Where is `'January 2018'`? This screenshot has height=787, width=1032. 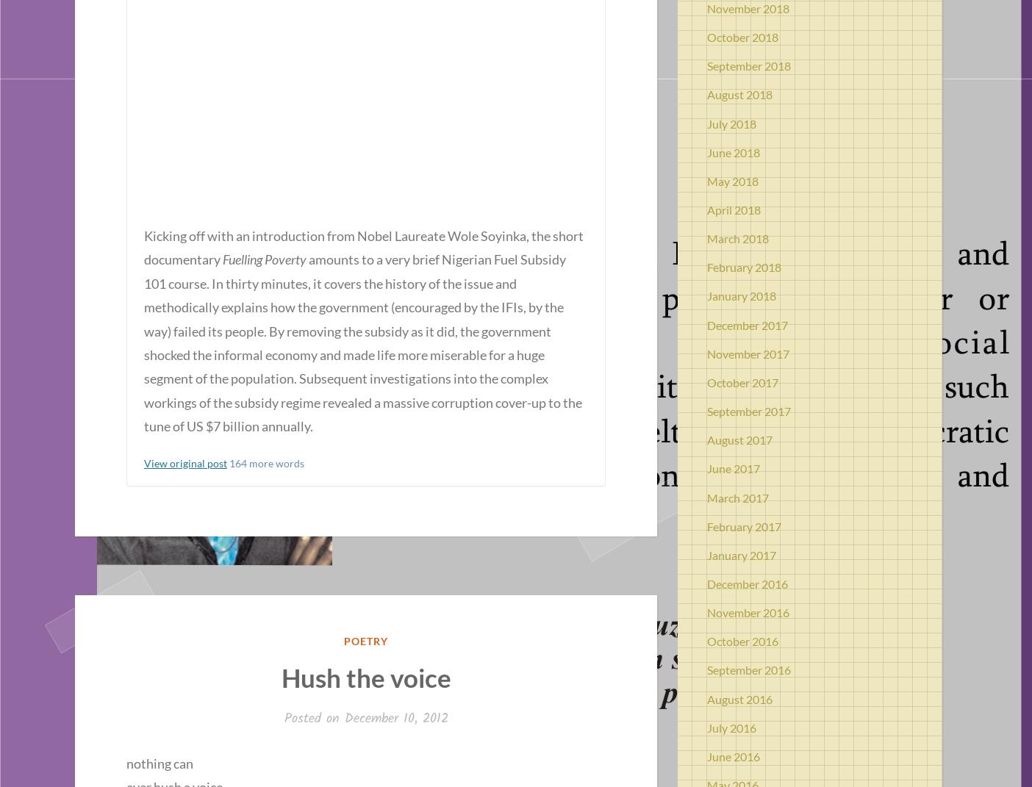 'January 2018' is located at coordinates (742, 295).